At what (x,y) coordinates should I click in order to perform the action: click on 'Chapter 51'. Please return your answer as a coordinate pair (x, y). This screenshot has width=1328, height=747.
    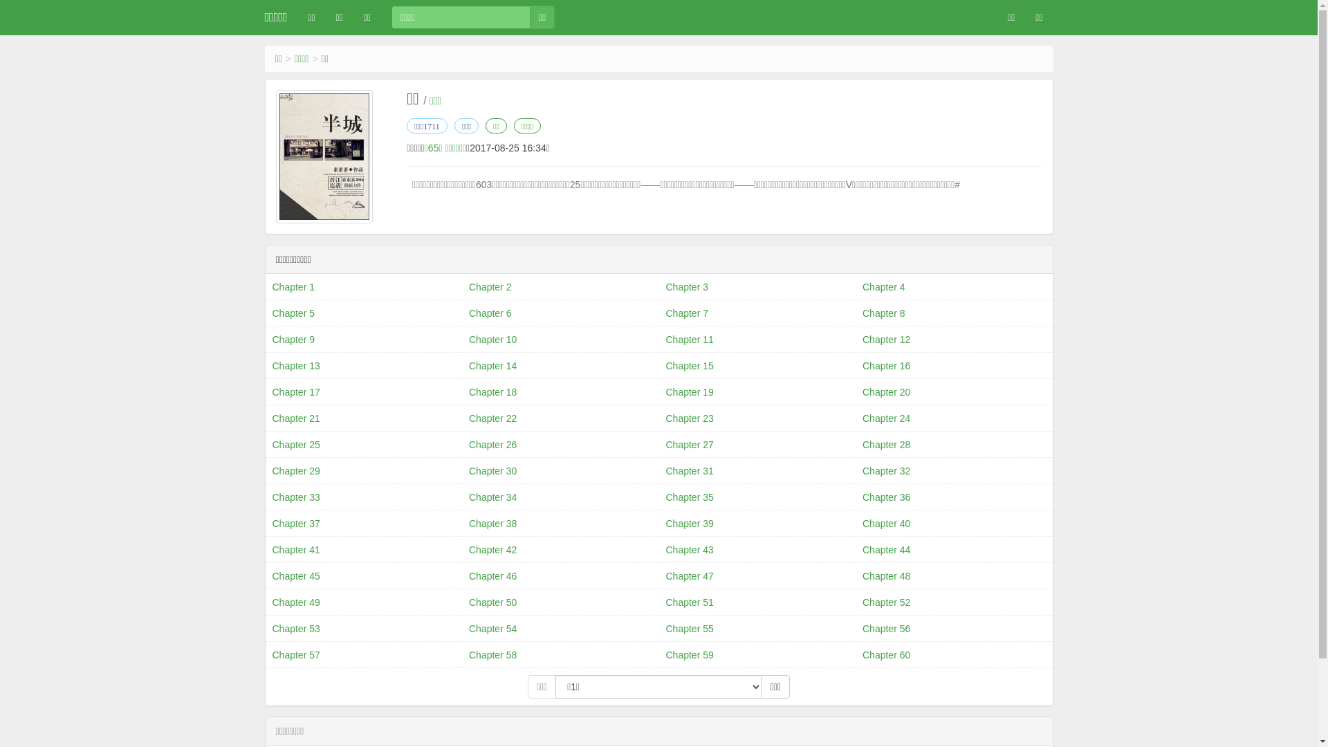
    Looking at the image, I should click on (665, 602).